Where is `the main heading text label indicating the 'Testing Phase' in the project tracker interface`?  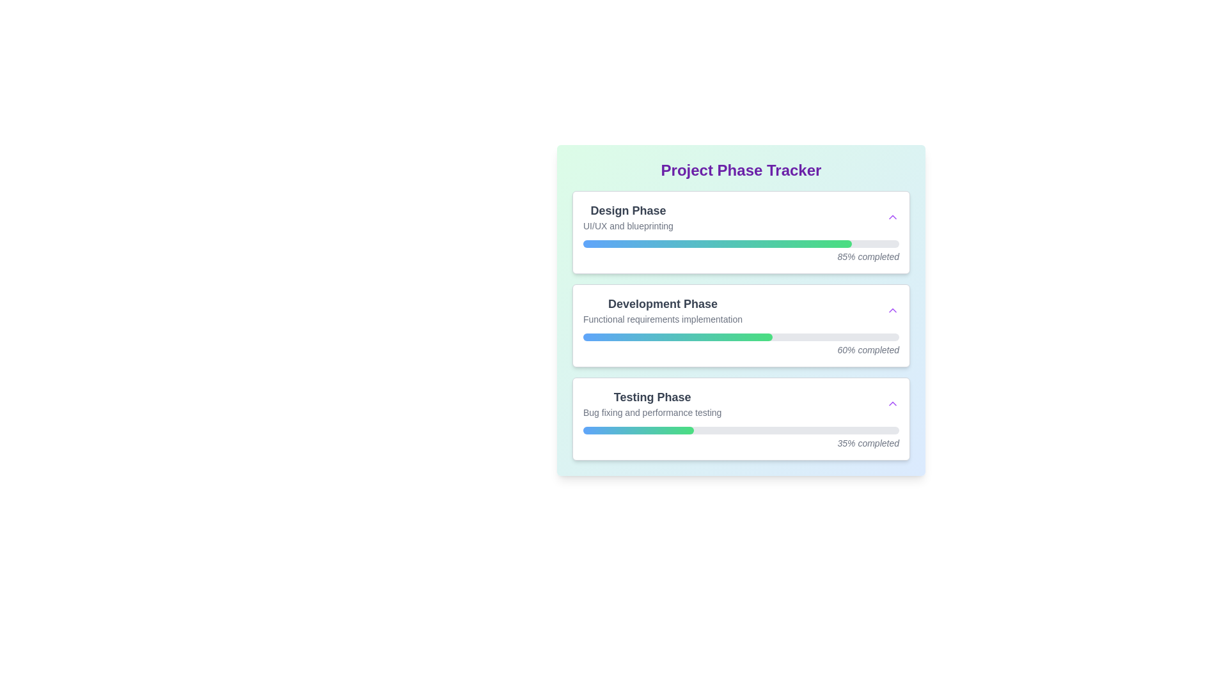
the main heading text label indicating the 'Testing Phase' in the project tracker interface is located at coordinates (652, 396).